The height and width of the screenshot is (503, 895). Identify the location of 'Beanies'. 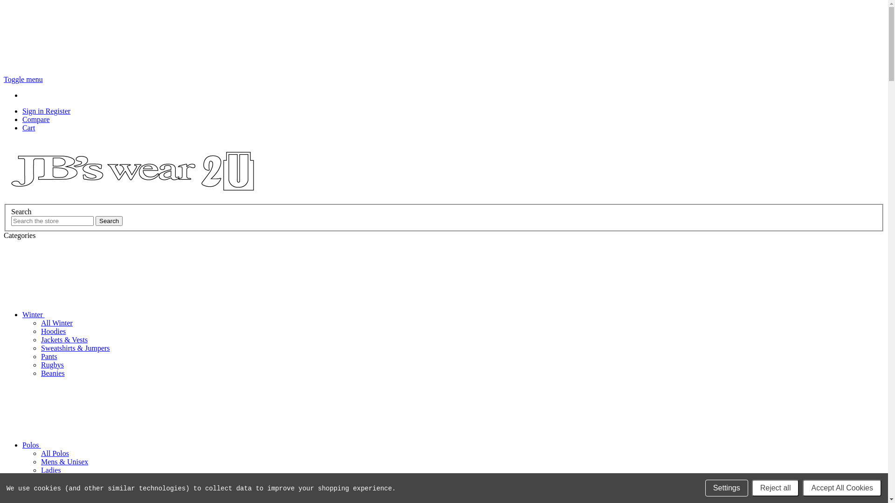
(40, 373).